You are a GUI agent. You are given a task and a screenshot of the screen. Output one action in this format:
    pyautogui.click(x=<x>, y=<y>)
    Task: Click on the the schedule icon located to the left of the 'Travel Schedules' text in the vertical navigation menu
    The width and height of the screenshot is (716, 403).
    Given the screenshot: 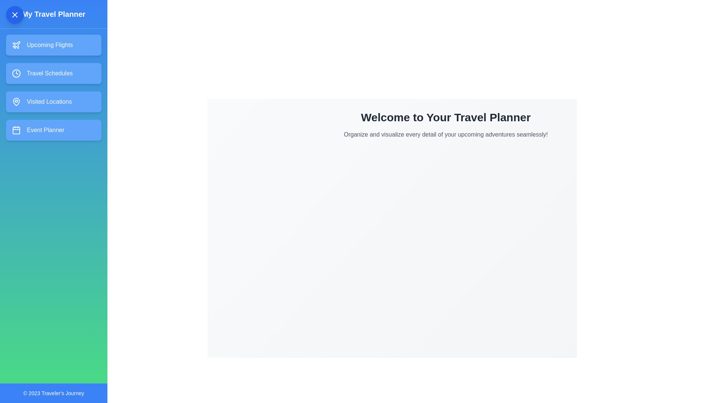 What is the action you would take?
    pyautogui.click(x=16, y=73)
    